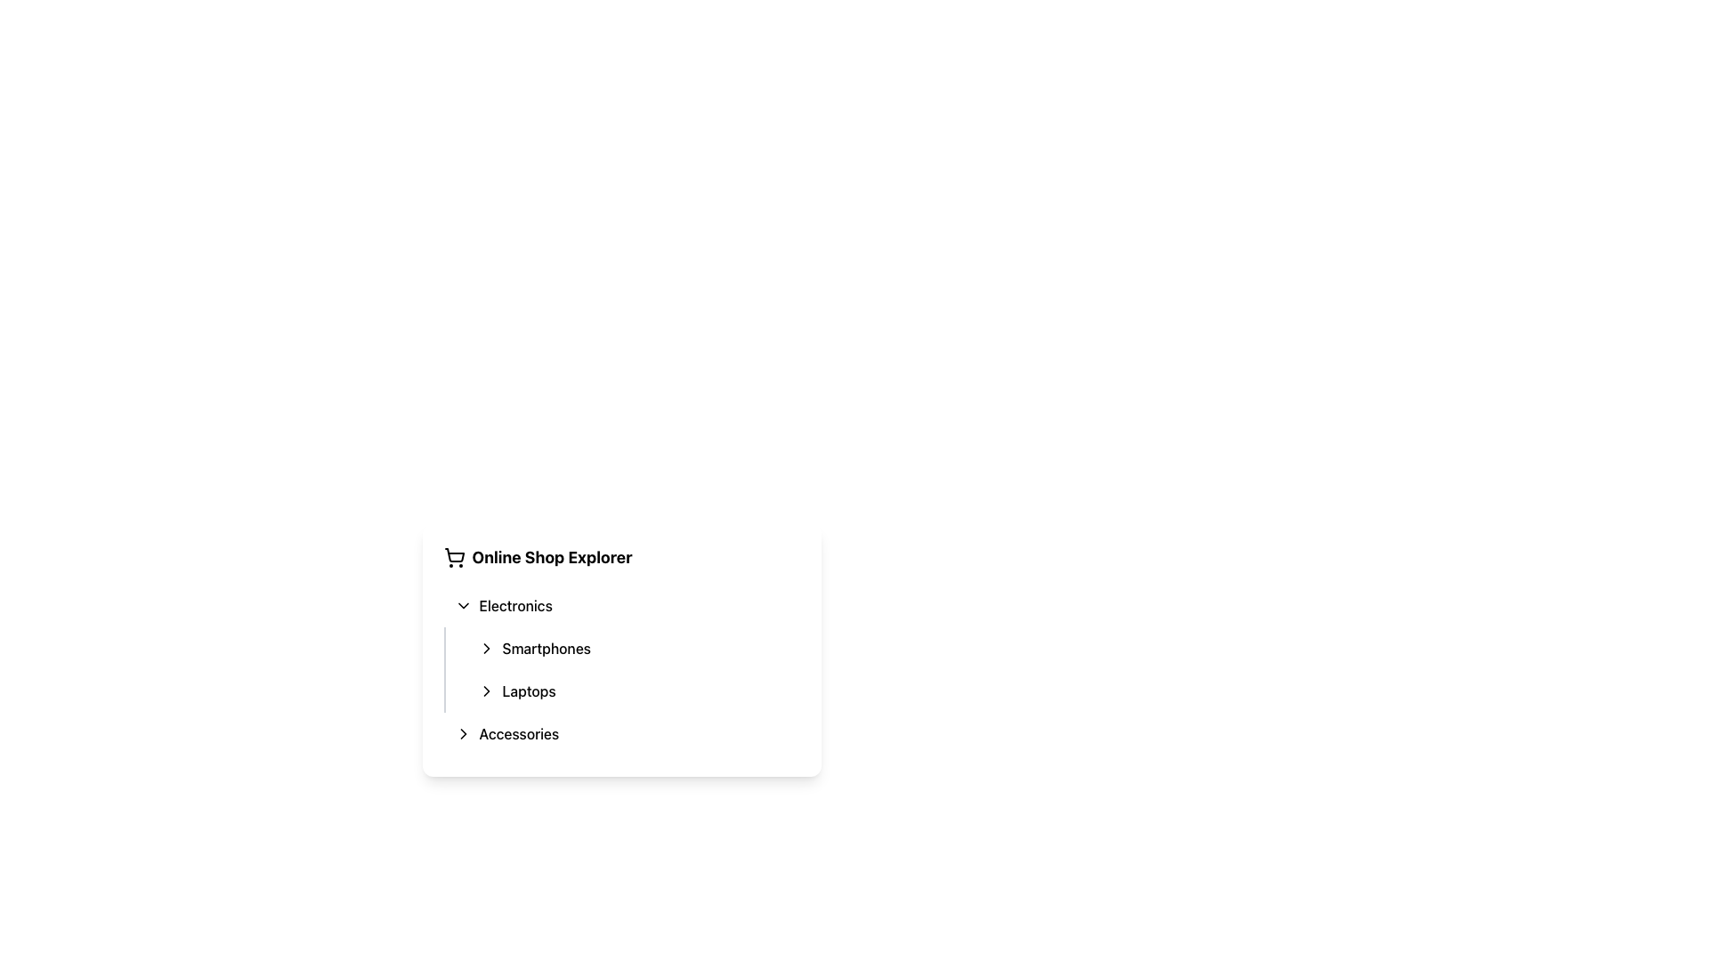 This screenshot has width=1709, height=961. What do you see at coordinates (454, 557) in the screenshot?
I see `the shopping cart icon located to the left of the 'Online Shop Explorer' title, which indicates the shopping functionality of the application` at bounding box center [454, 557].